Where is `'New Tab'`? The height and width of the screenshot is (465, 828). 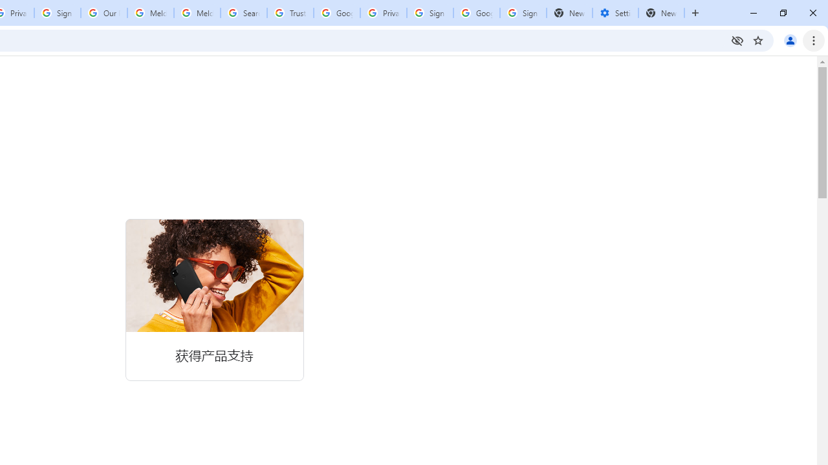 'New Tab' is located at coordinates (661, 13).